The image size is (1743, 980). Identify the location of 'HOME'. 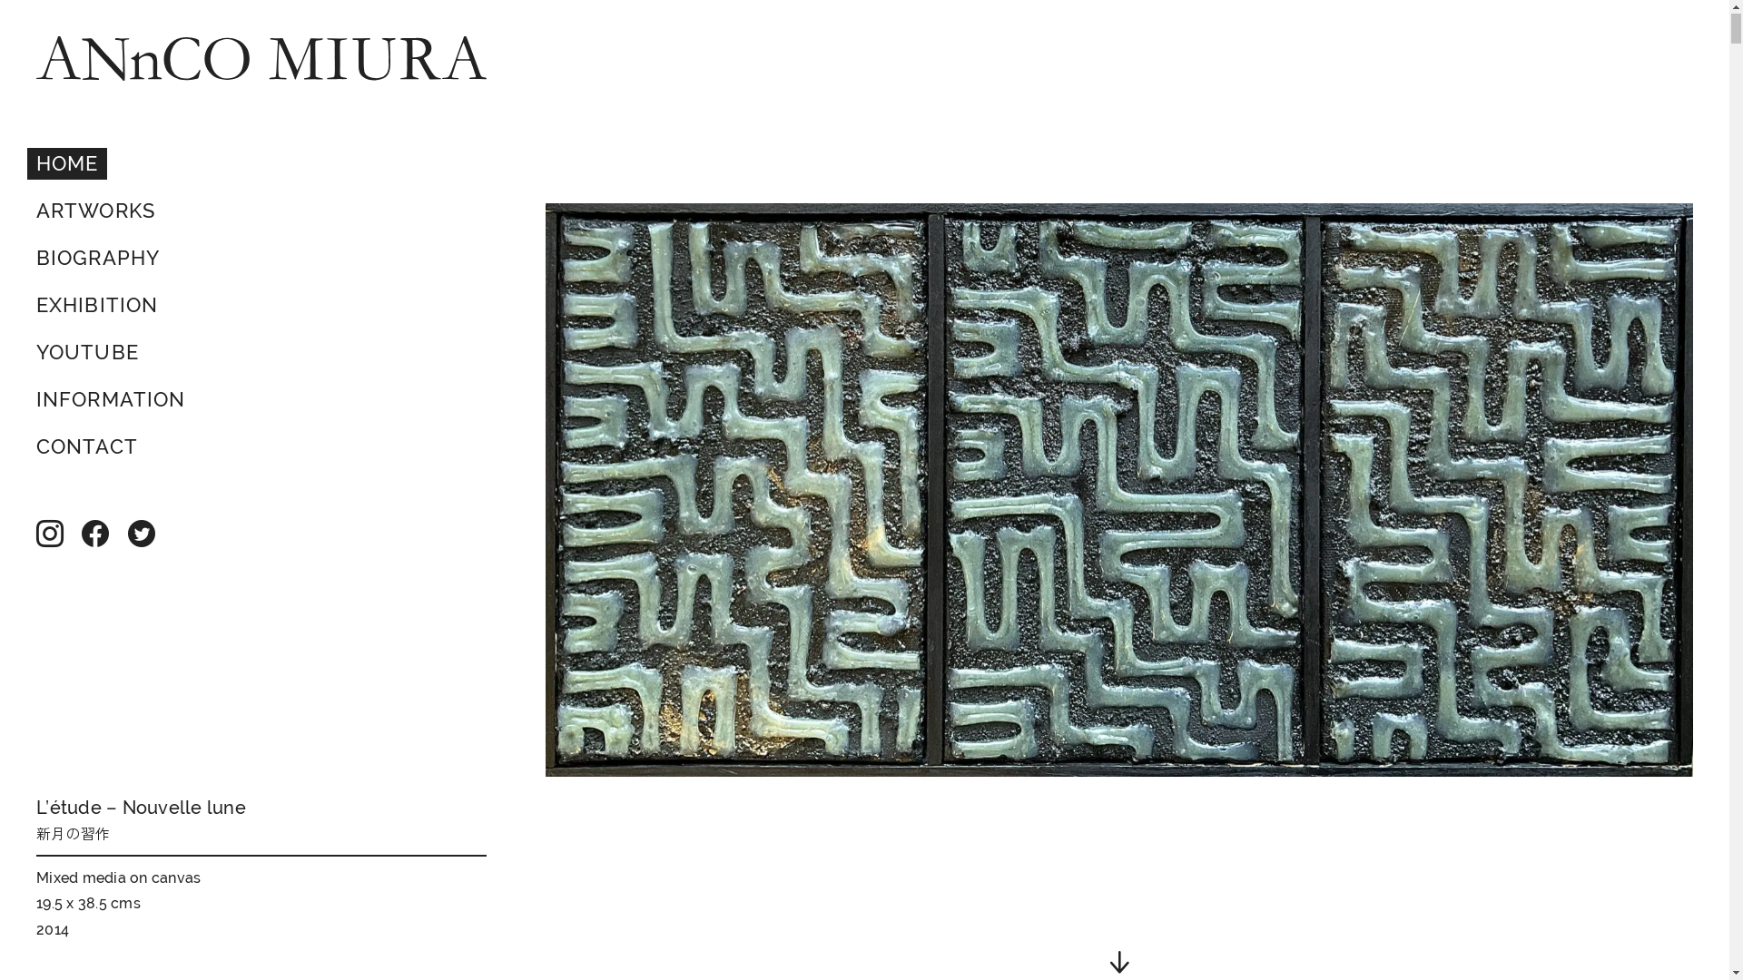
(66, 164).